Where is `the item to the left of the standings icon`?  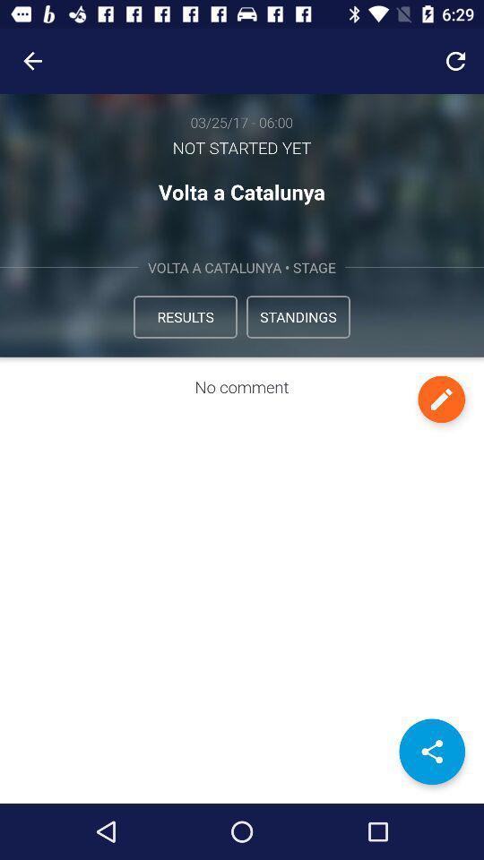
the item to the left of the standings icon is located at coordinates (184, 316).